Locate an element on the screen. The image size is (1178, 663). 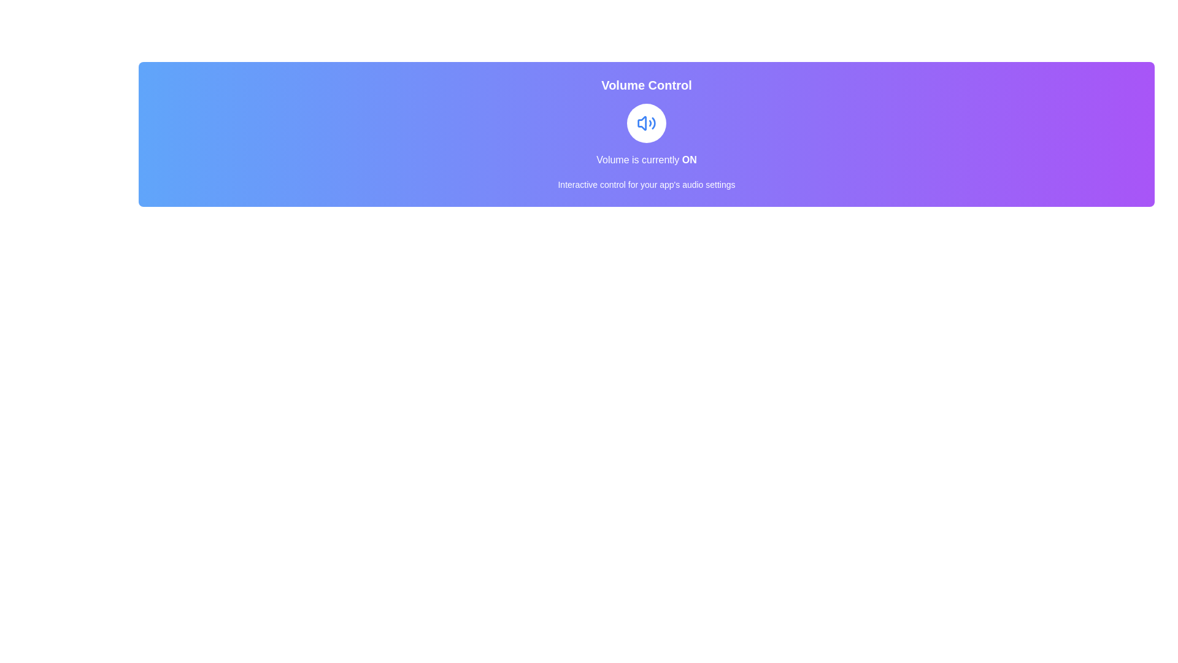
the button to toggle the volume state is located at coordinates (646, 123).